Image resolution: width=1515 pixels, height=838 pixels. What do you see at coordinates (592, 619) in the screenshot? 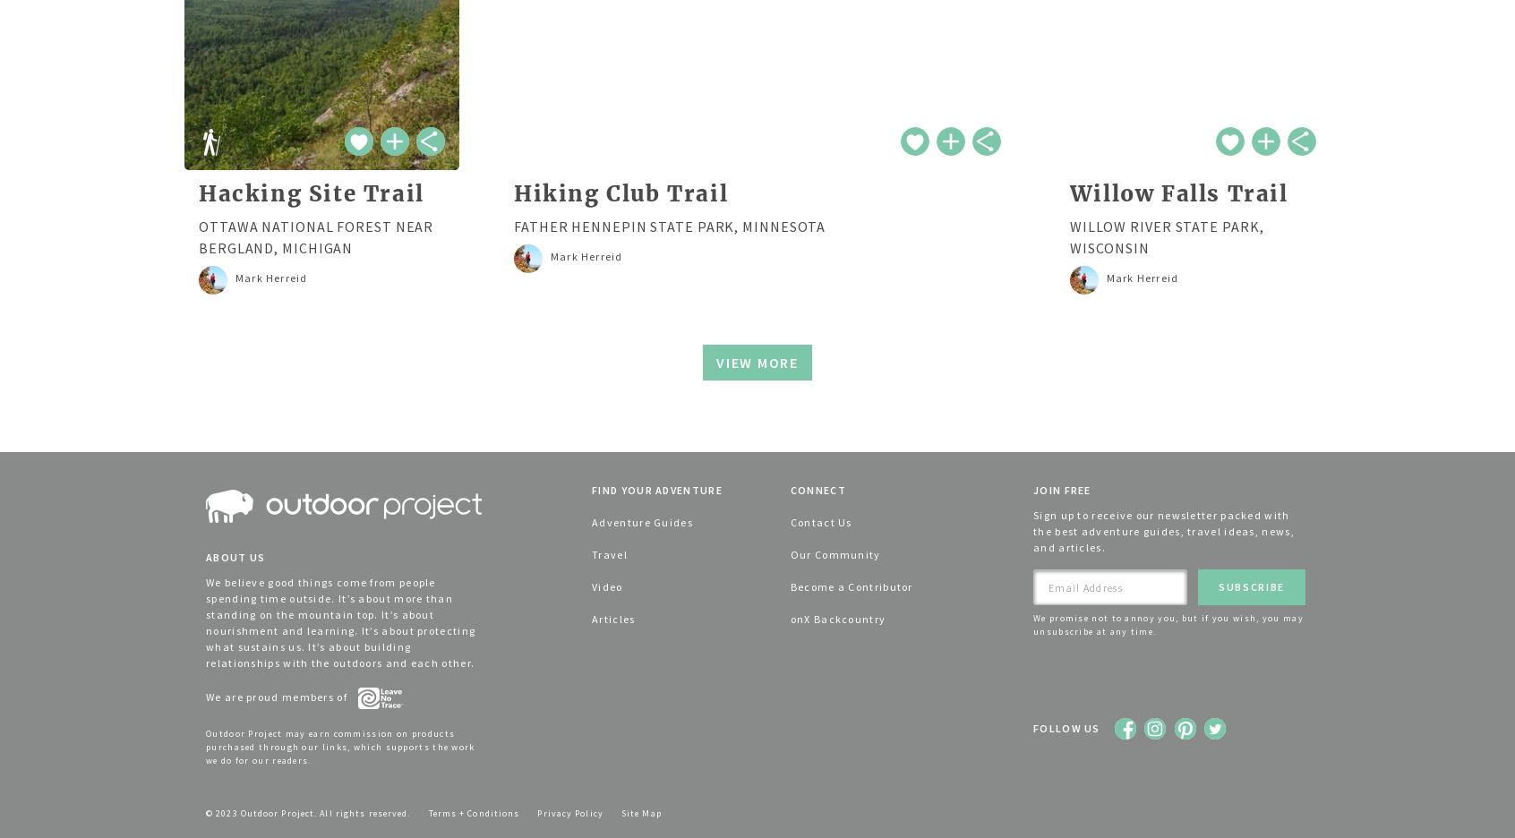
I see `'Articles'` at bounding box center [592, 619].